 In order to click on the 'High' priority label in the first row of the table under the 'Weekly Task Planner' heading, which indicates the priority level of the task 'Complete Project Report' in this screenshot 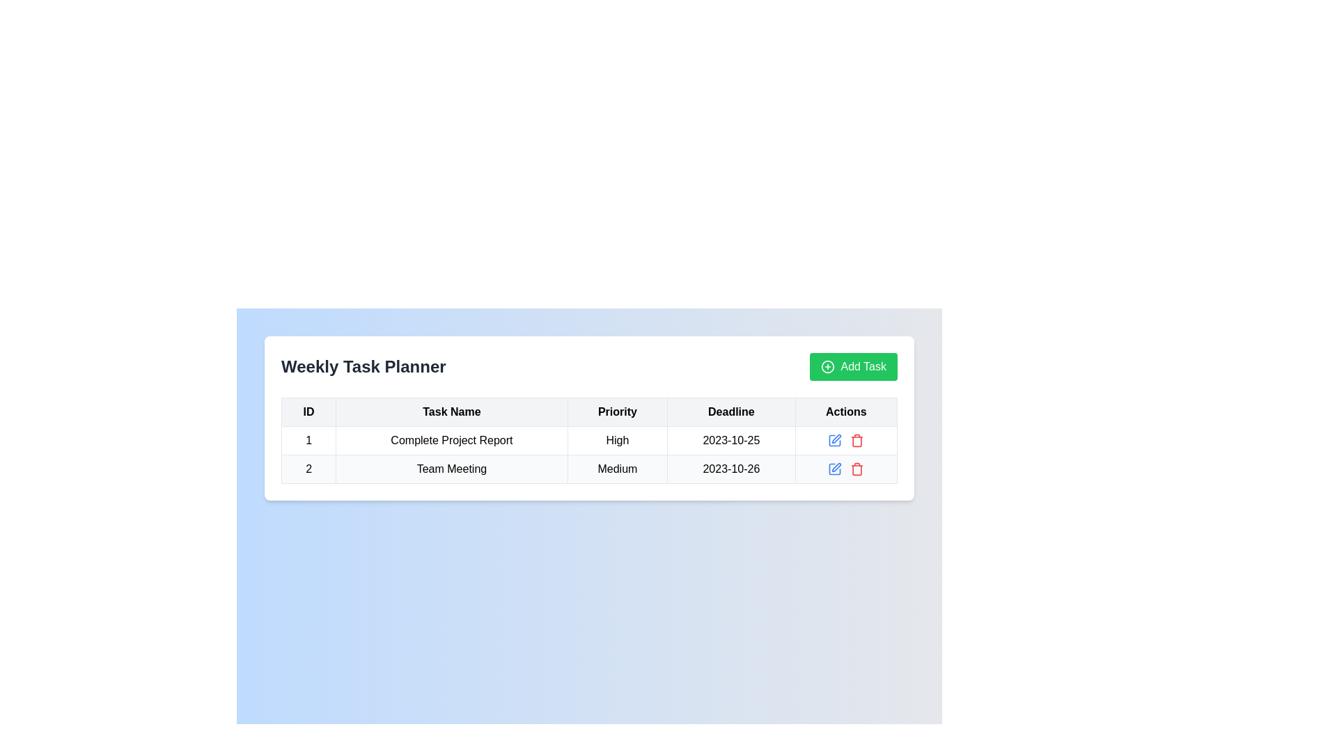, I will do `click(616, 440)`.